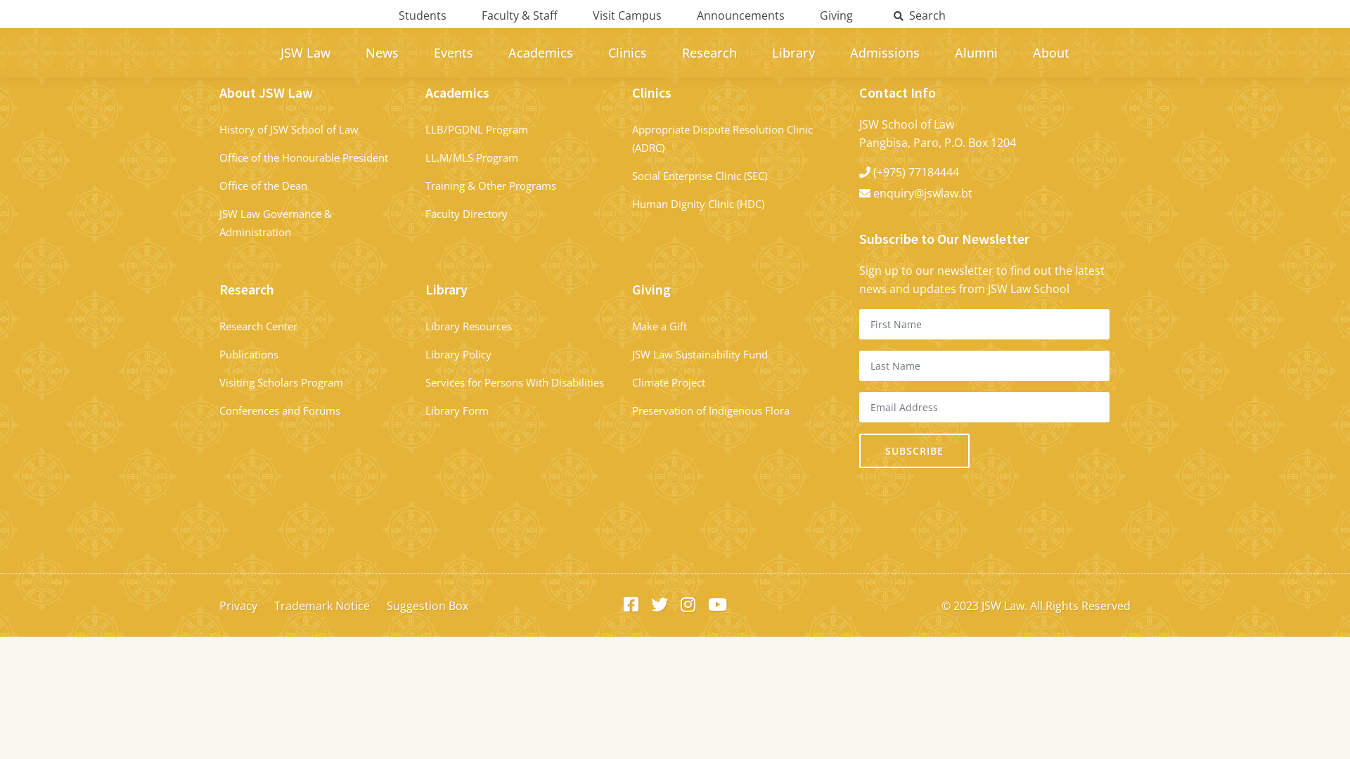  I want to click on 'Appropriate Dispute Resolution Clinic (ADRC)', so click(722, 138).